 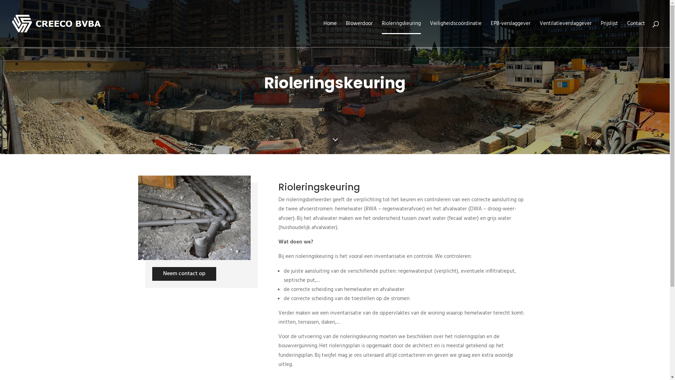 I want to click on 'Prijslijst', so click(x=609, y=34).